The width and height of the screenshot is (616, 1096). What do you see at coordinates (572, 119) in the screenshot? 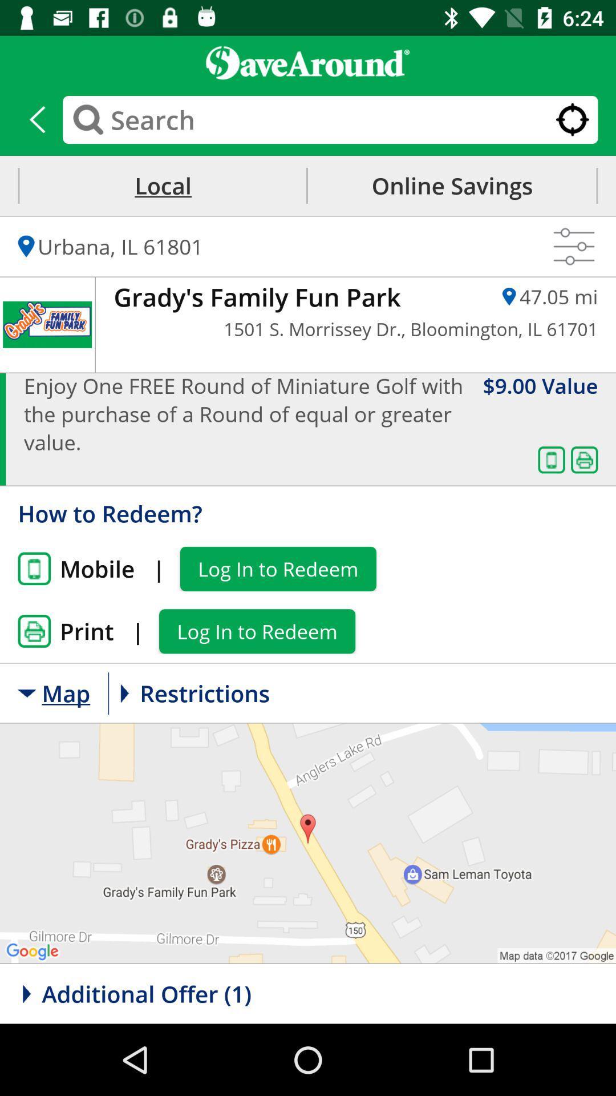
I see `the location_crosshair icon` at bounding box center [572, 119].